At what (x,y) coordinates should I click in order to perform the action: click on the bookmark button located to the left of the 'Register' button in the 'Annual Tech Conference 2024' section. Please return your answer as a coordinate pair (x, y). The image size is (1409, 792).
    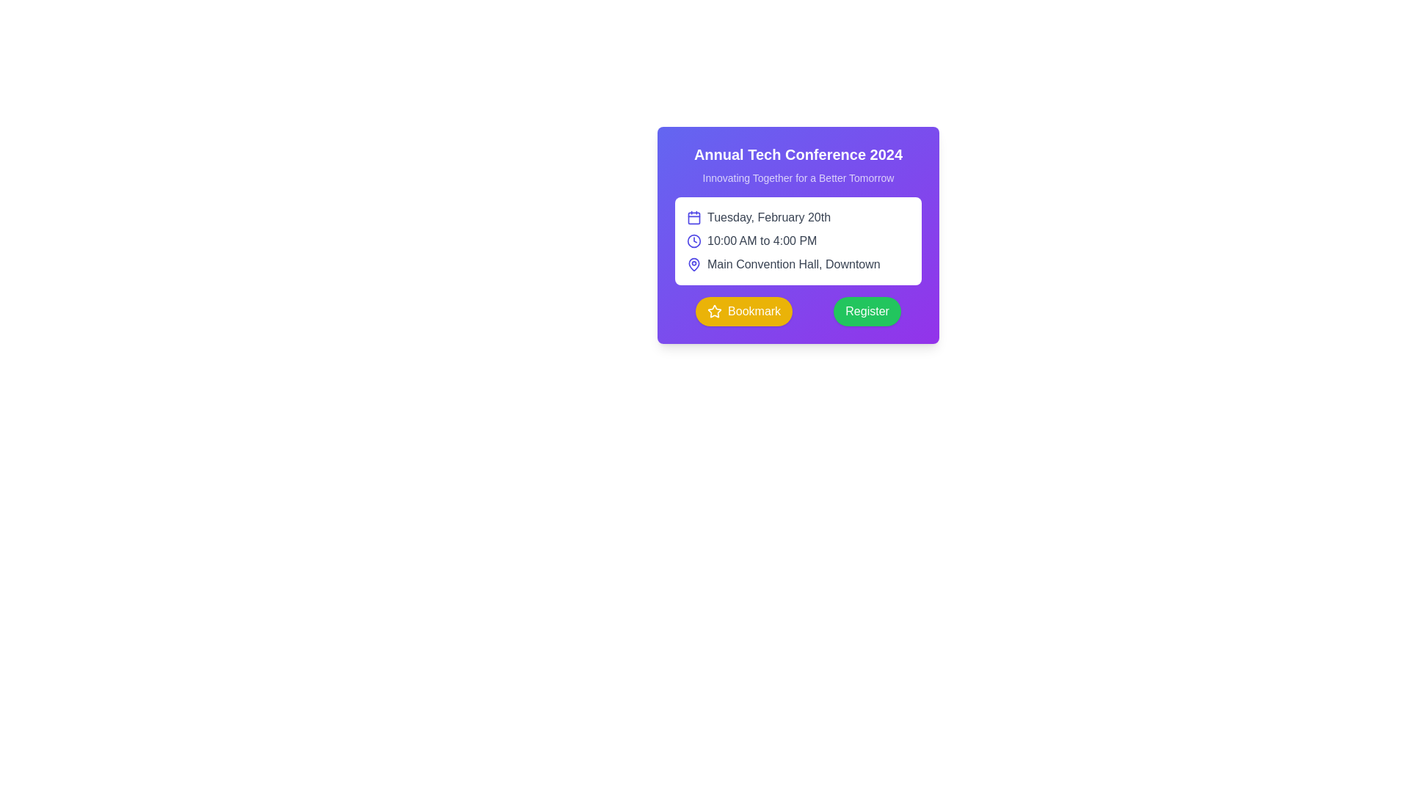
    Looking at the image, I should click on (744, 310).